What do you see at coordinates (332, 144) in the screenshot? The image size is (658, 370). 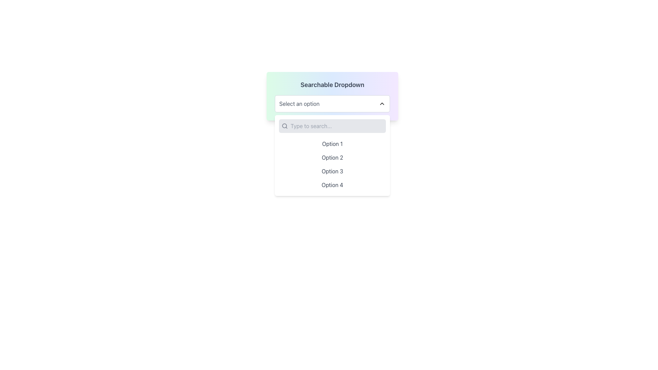 I see `the first selectable option in the dropdown menu` at bounding box center [332, 144].